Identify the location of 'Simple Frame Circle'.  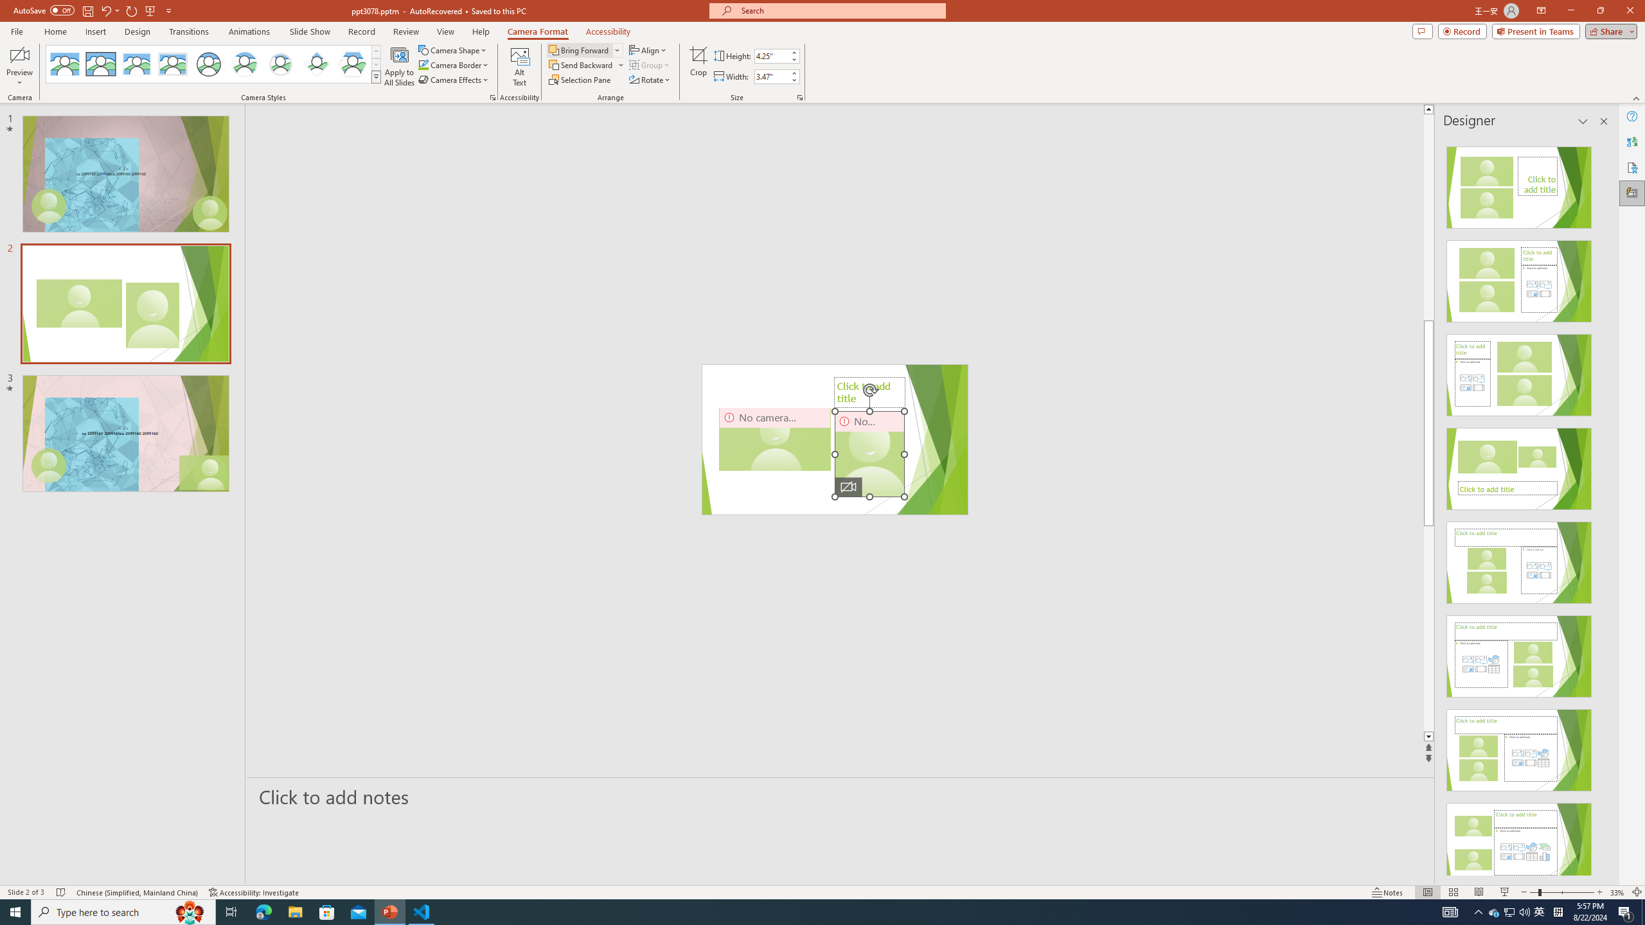
(209, 64).